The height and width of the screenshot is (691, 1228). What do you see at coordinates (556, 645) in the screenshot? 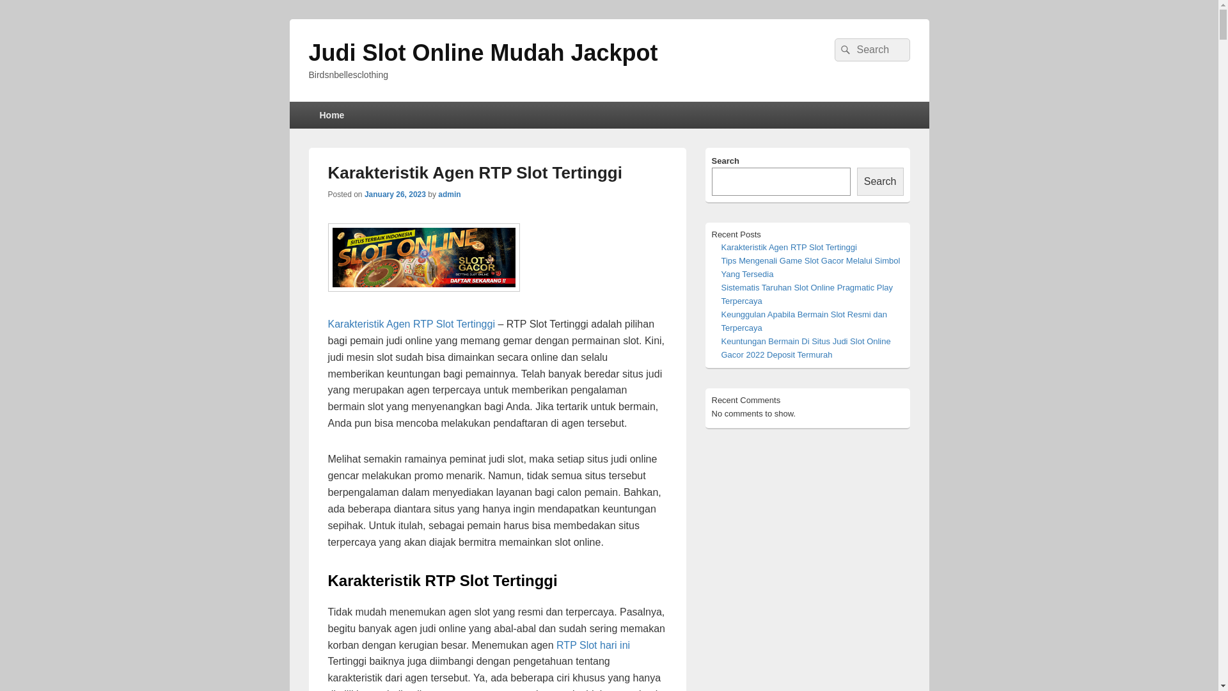
I see `'RTP Slot hari ini'` at bounding box center [556, 645].